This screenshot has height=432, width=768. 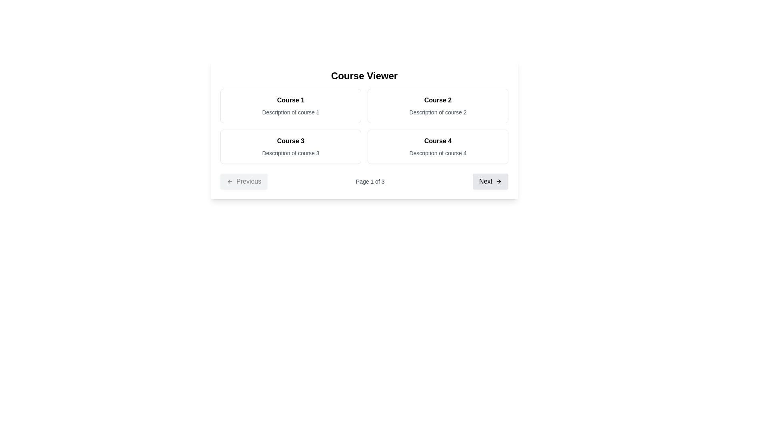 I want to click on the static text displaying 'Course 4' at the top-center of the course information card, so click(x=437, y=141).